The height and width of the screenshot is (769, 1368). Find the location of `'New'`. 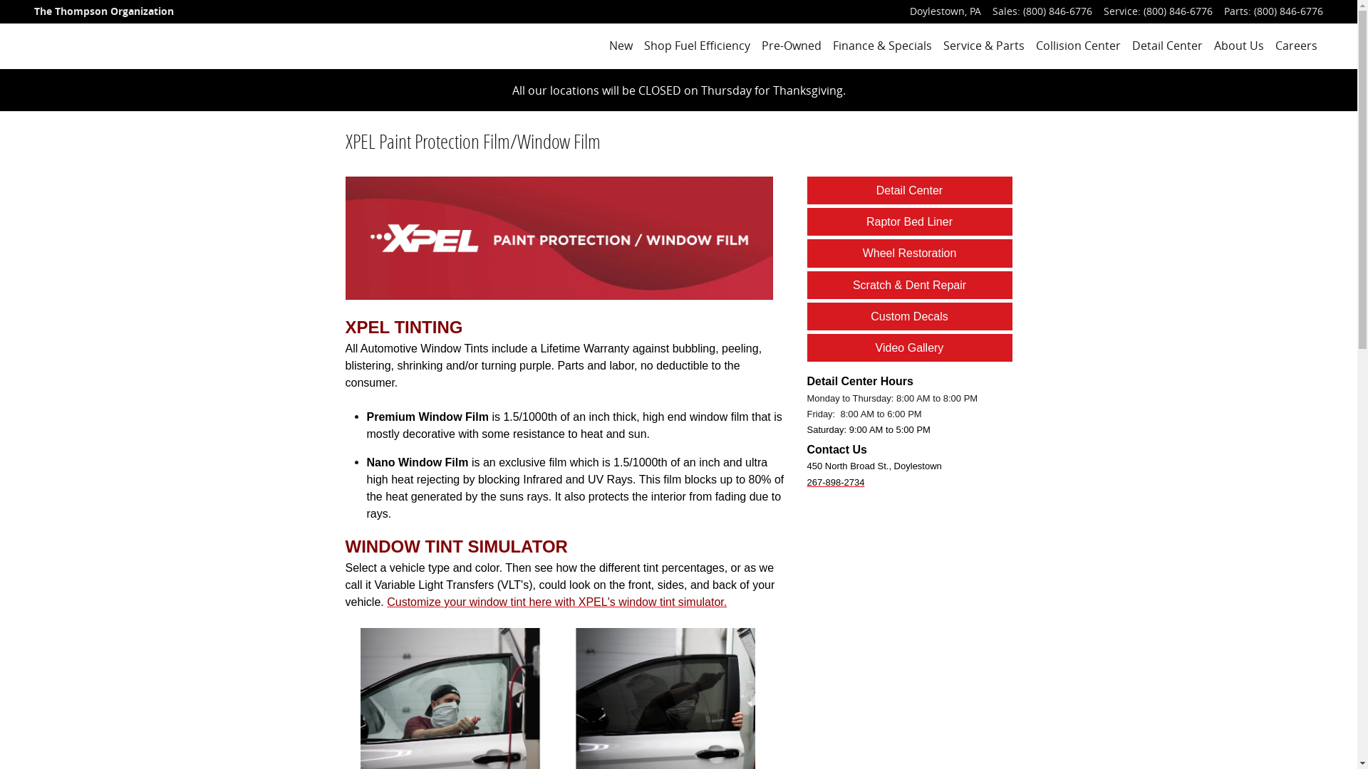

'New' is located at coordinates (621, 46).